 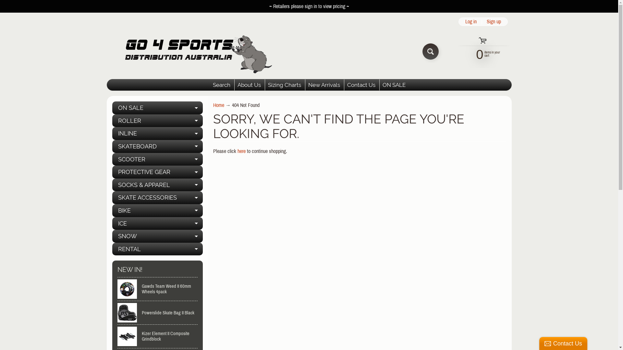 I want to click on 'PROTECTIVE GEAR, so click(x=157, y=172).